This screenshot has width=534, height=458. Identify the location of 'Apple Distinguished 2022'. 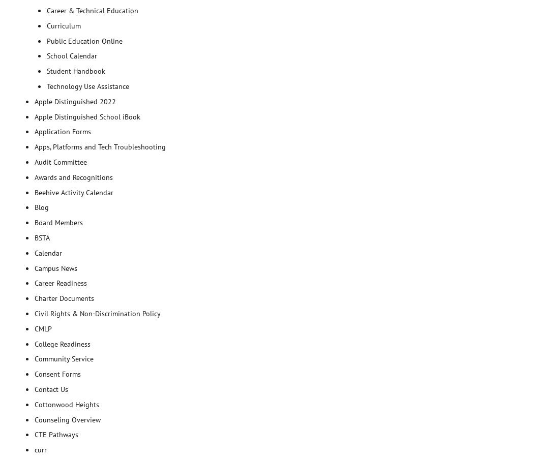
(75, 101).